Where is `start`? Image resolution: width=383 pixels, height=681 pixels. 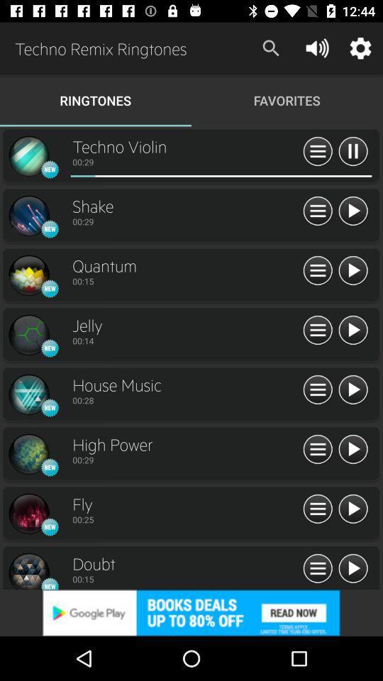
start is located at coordinates (352, 509).